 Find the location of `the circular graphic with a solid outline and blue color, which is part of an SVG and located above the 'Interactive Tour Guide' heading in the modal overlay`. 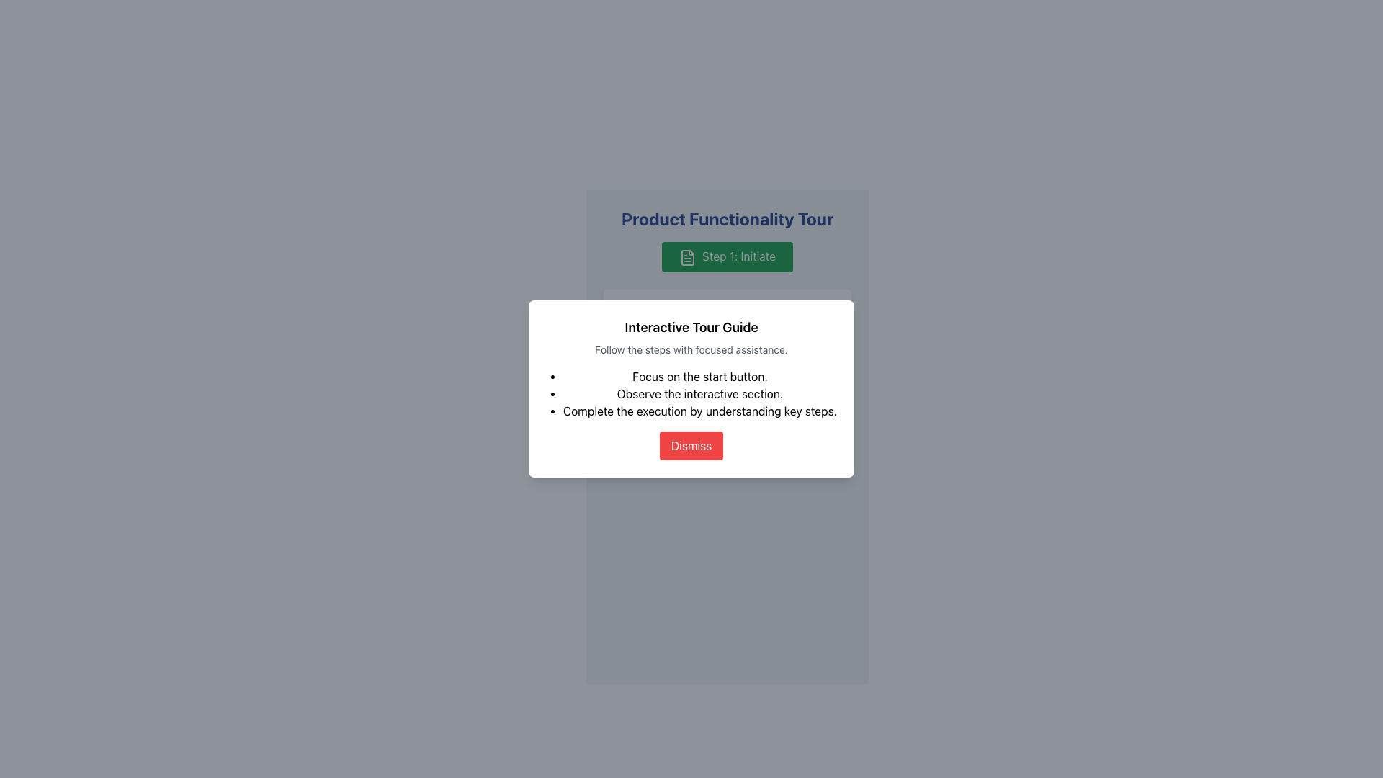

the circular graphic with a solid outline and blue color, which is part of an SVG and located above the 'Interactive Tour Guide' heading in the modal overlay is located at coordinates (727, 314).